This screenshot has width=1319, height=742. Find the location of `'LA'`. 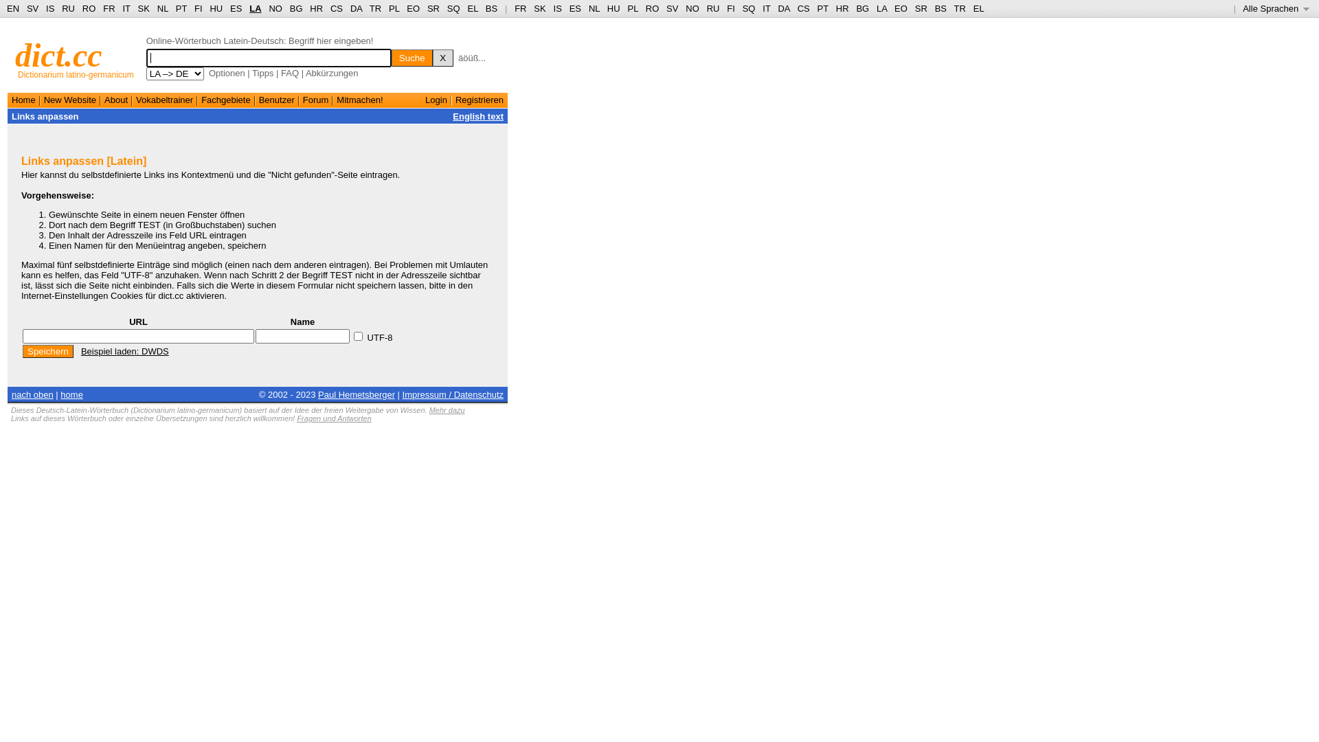

'LA' is located at coordinates (881, 8).